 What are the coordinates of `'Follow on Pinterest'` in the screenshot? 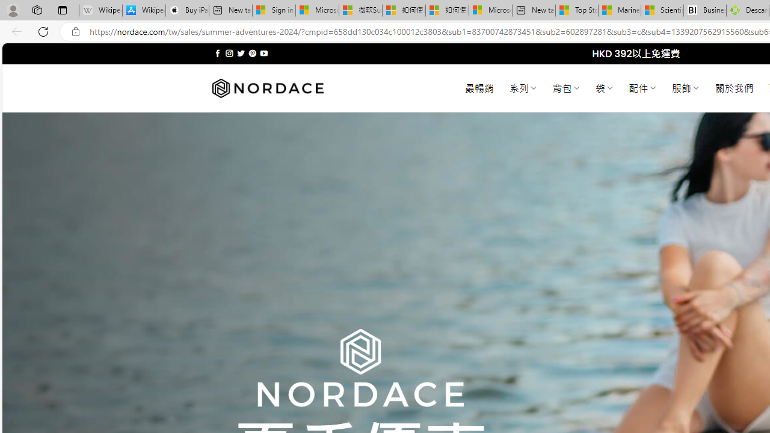 It's located at (251, 53).